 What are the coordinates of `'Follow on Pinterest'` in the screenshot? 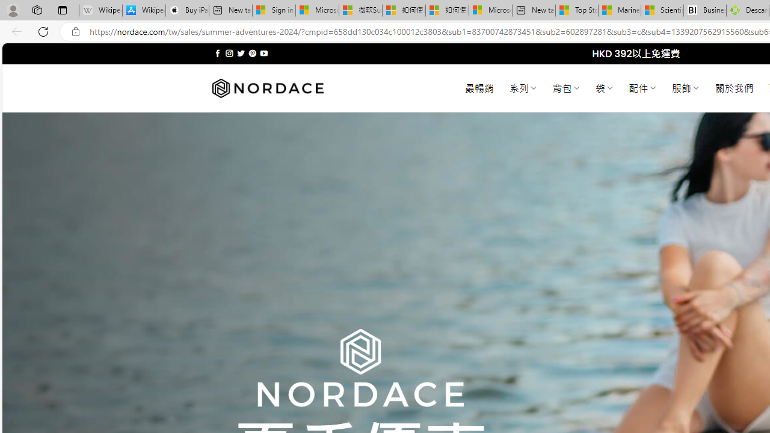 It's located at (251, 53).